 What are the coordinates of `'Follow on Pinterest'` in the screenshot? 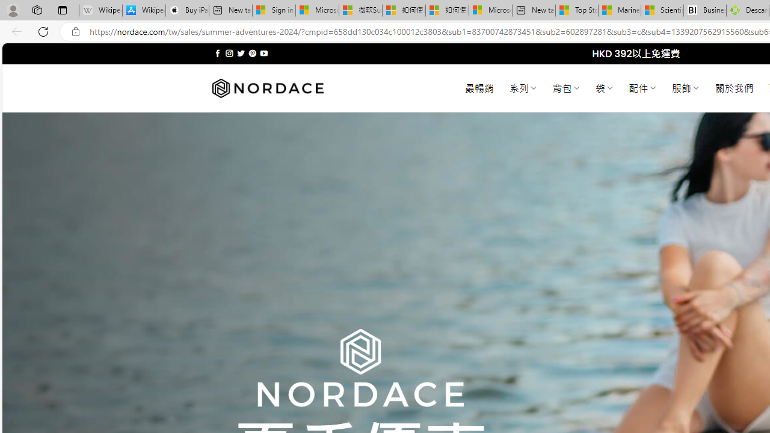 It's located at (251, 53).